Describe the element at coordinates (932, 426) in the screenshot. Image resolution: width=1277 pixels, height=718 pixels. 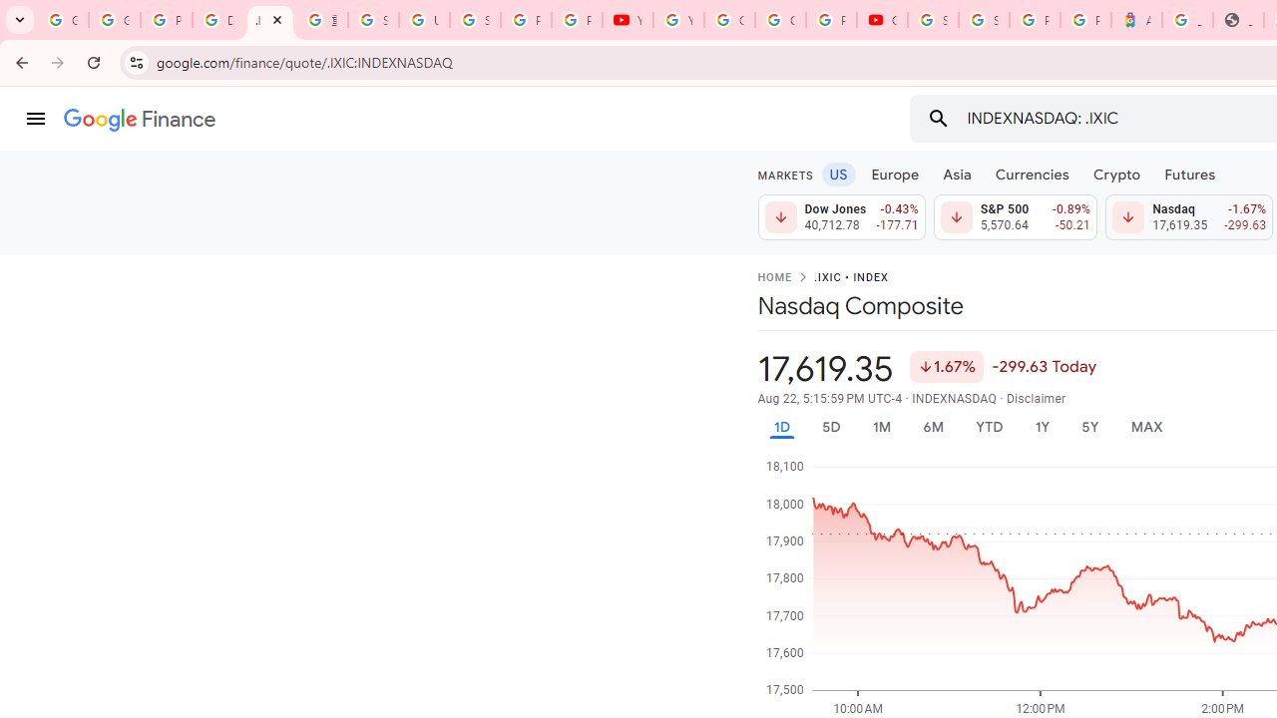
I see `'6M'` at that location.